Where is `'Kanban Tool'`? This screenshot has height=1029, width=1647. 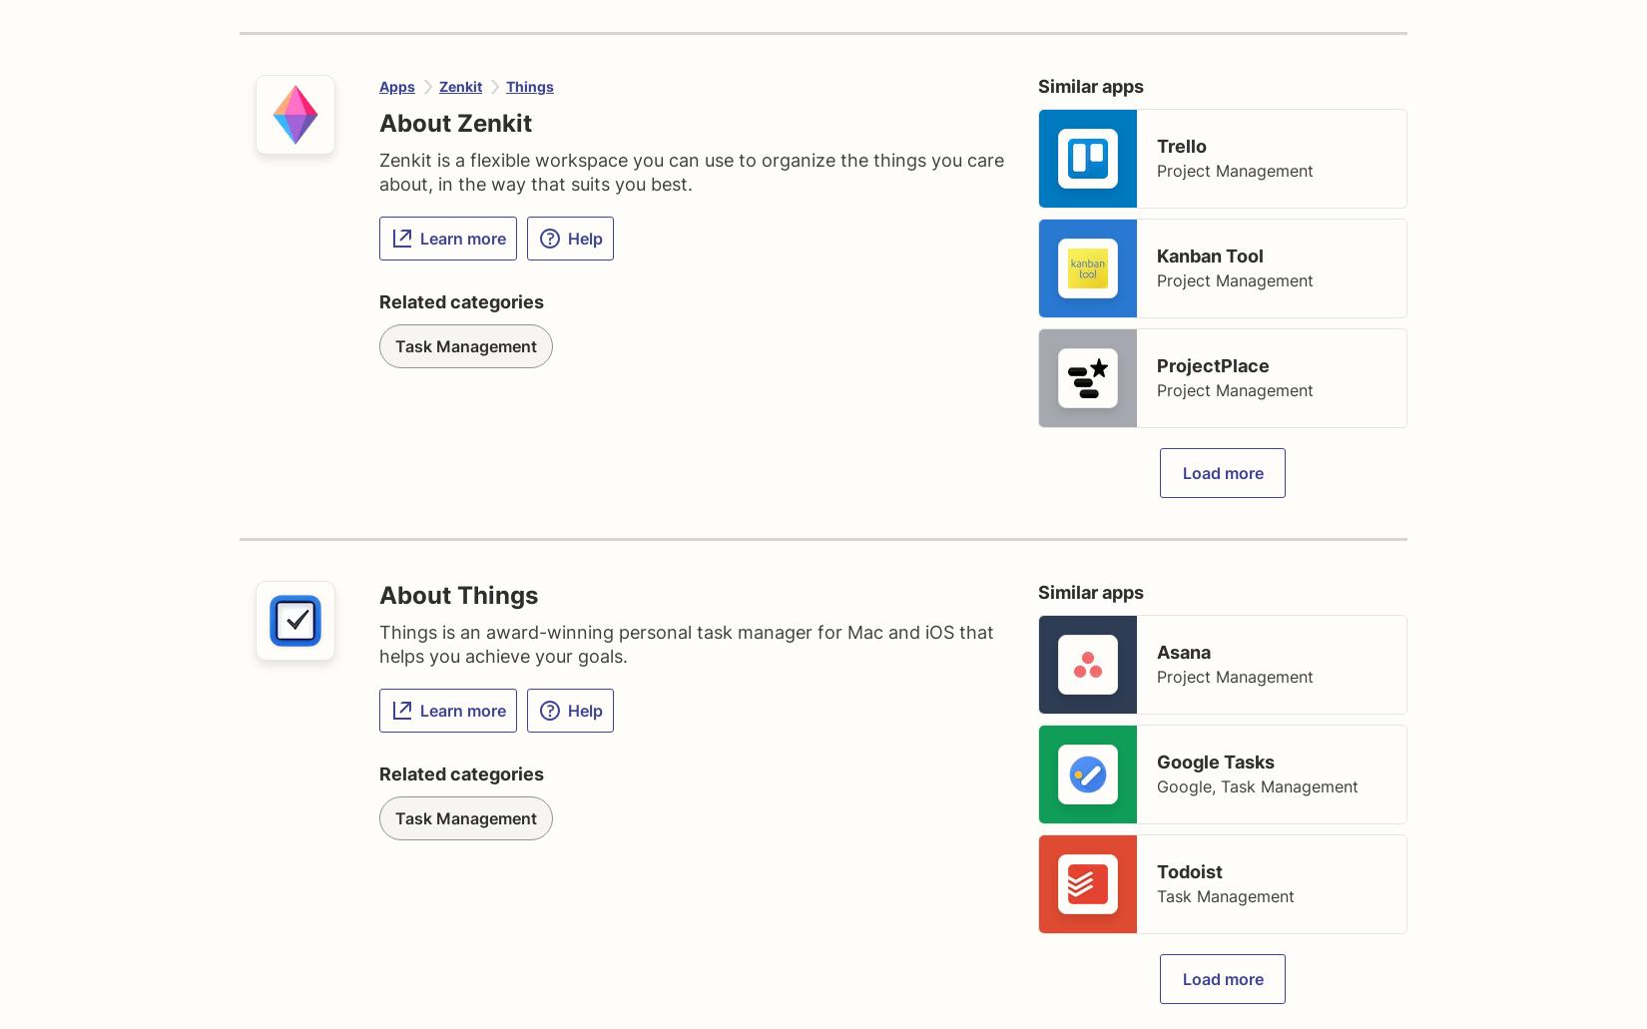
'Kanban Tool' is located at coordinates (1210, 256).